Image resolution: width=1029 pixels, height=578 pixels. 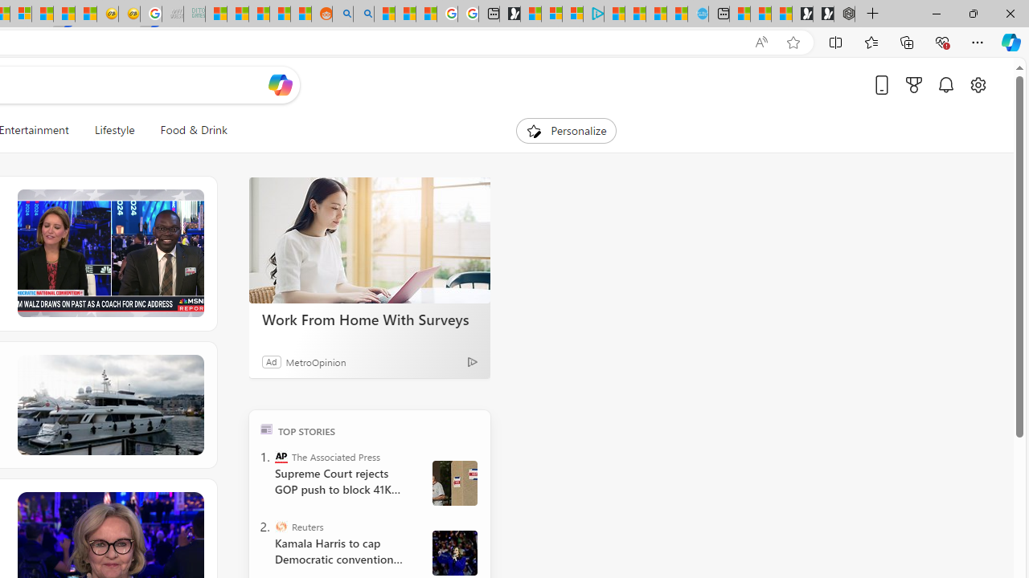 I want to click on 'Personalize', so click(x=566, y=130).